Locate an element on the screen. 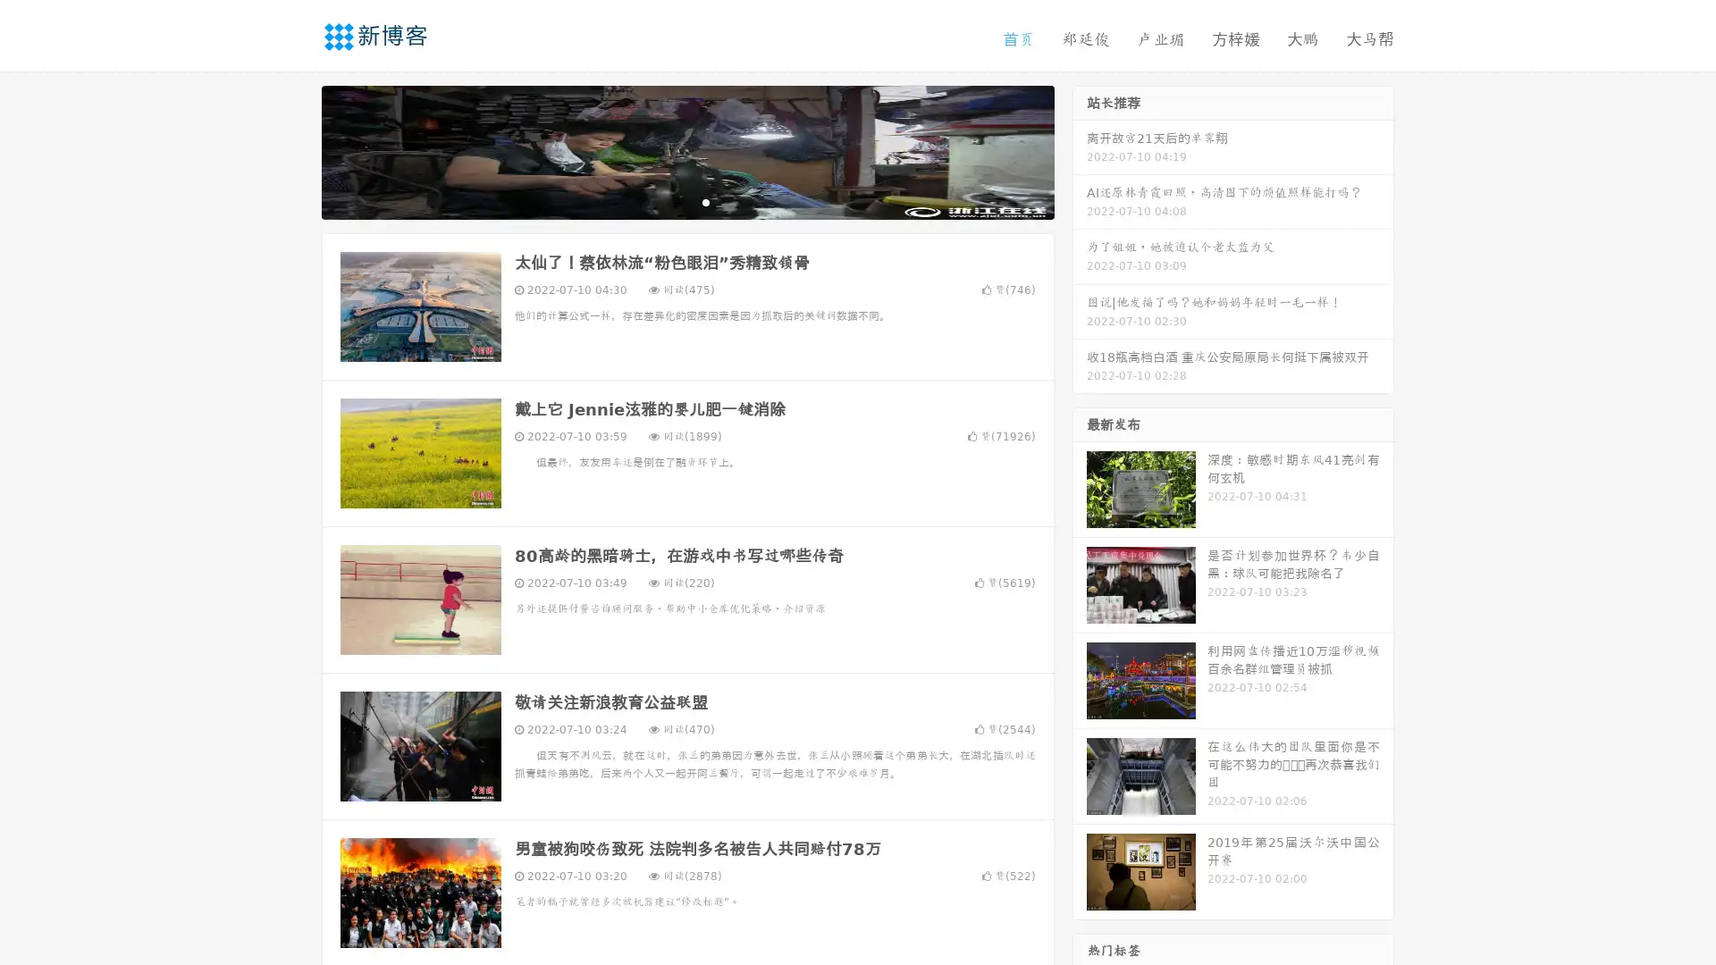 The height and width of the screenshot is (965, 1716). Go to slide 1 is located at coordinates (669, 201).